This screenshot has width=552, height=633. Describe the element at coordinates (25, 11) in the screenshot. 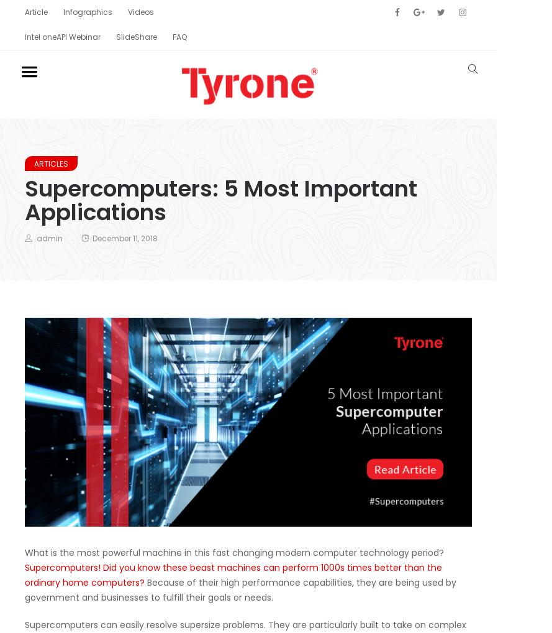

I see `'Article'` at that location.